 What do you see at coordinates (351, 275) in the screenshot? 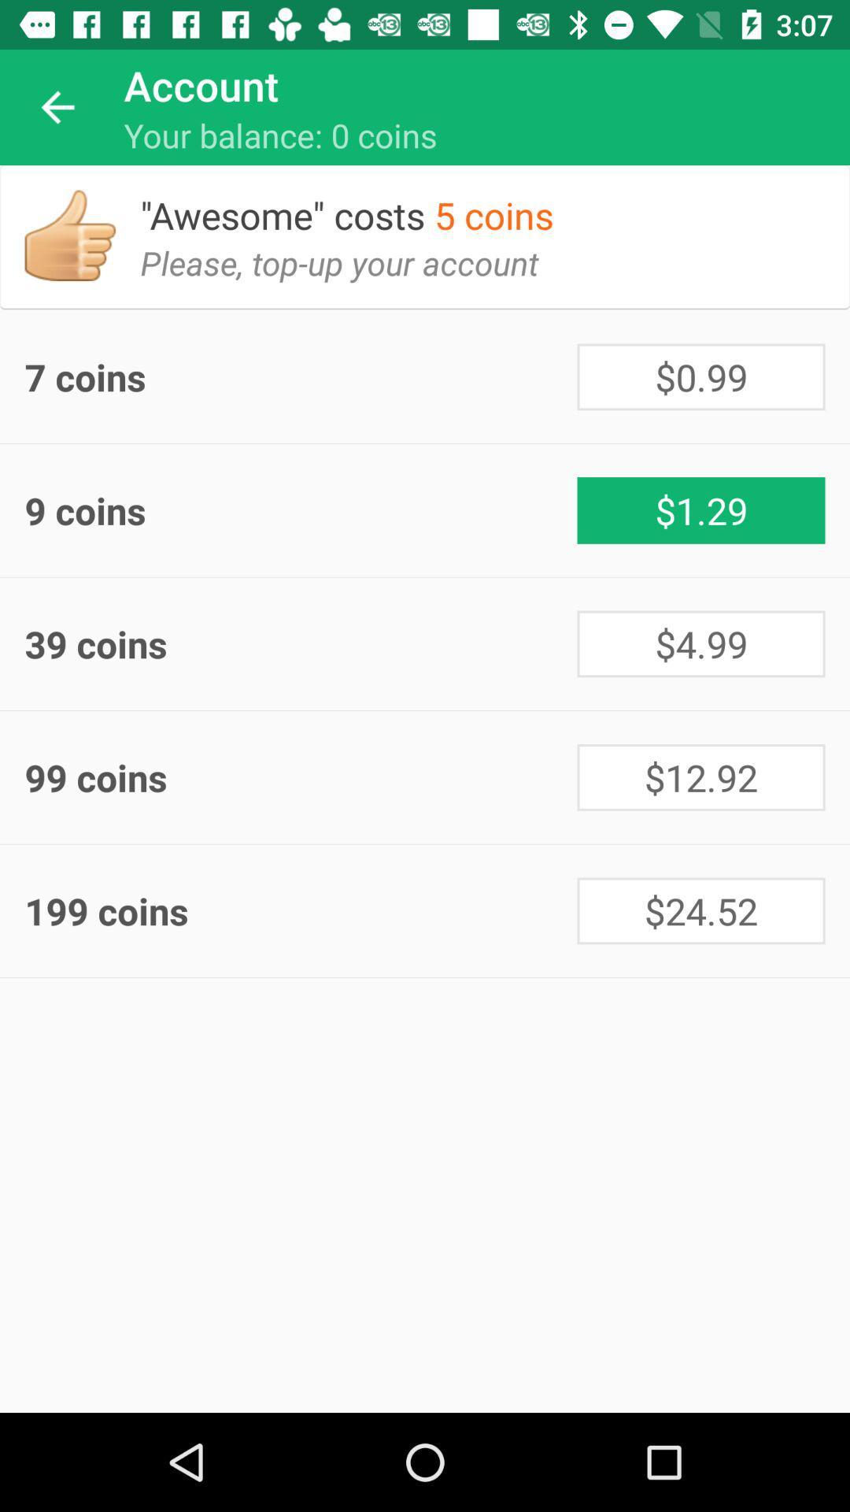
I see `icon above the 7 coins icon` at bounding box center [351, 275].